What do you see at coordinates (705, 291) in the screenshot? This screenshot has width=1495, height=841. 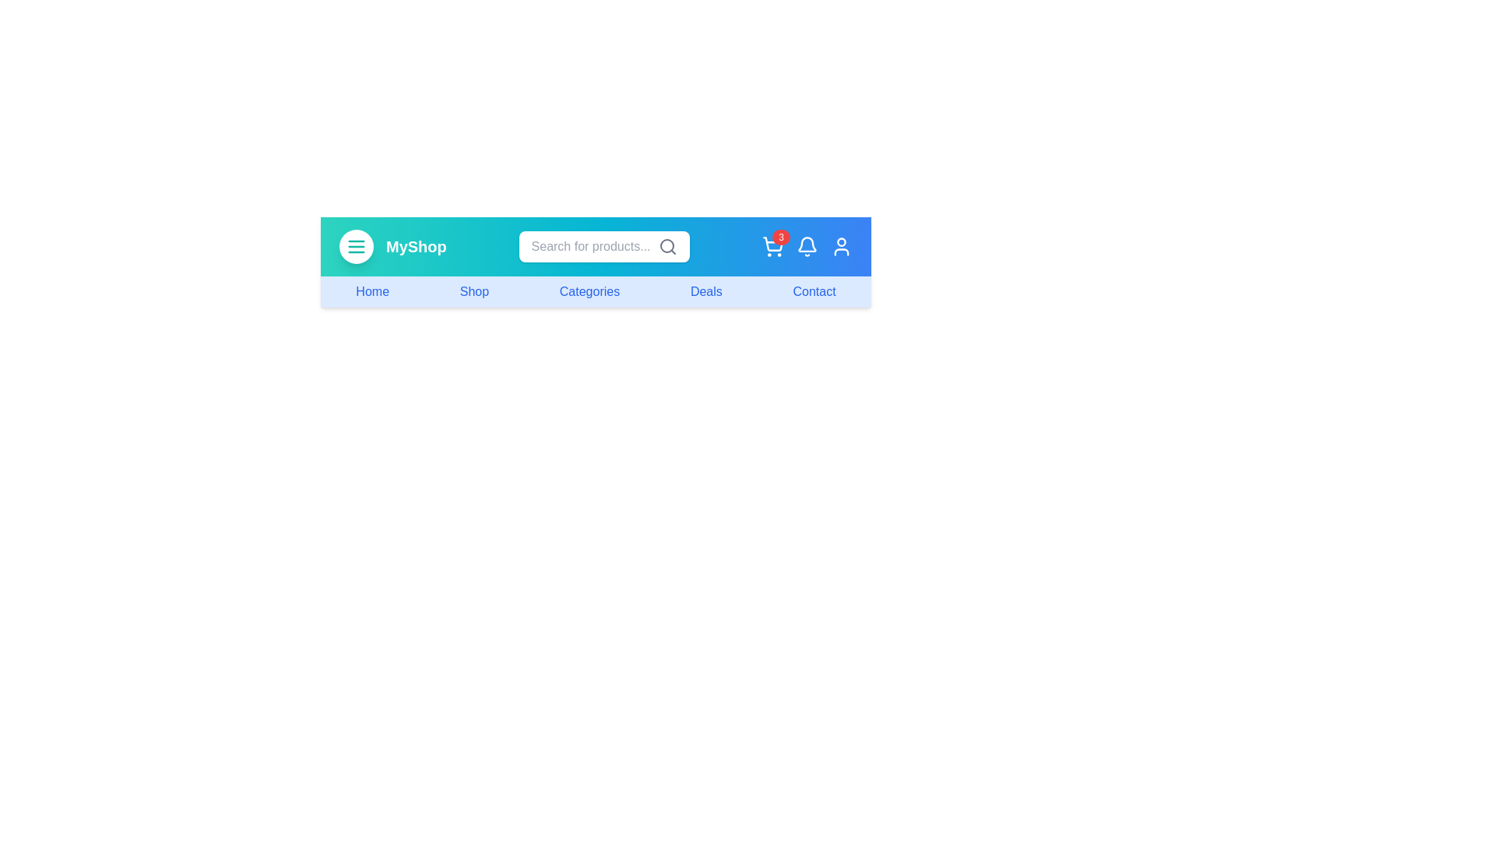 I see `the navigation link labeled Deals to navigate to the corresponding section` at bounding box center [705, 291].